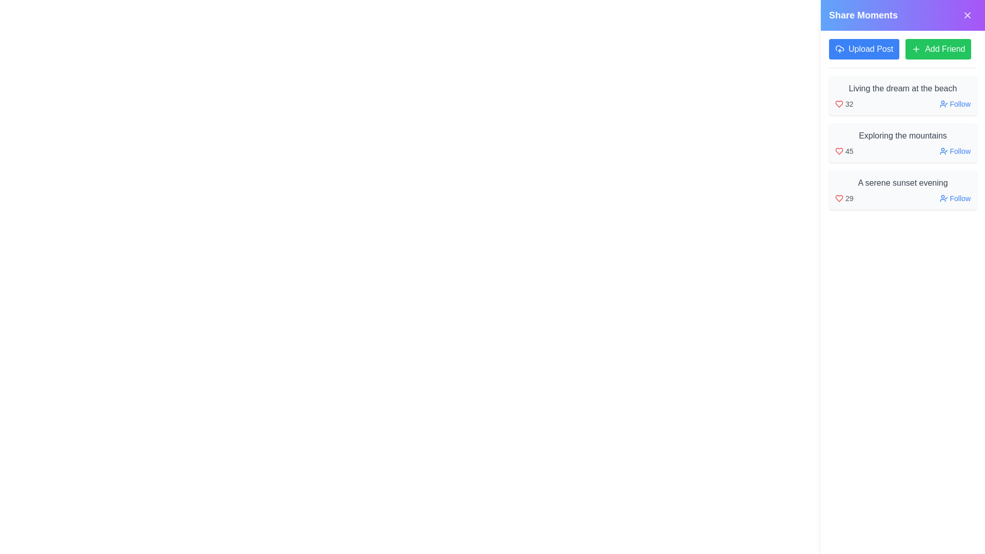  Describe the element at coordinates (943, 104) in the screenshot. I see `the user profile icon with a checkmark in blue color, which is part of the 'Follow' button located in the first social media interaction card on the right-hand panel` at that location.